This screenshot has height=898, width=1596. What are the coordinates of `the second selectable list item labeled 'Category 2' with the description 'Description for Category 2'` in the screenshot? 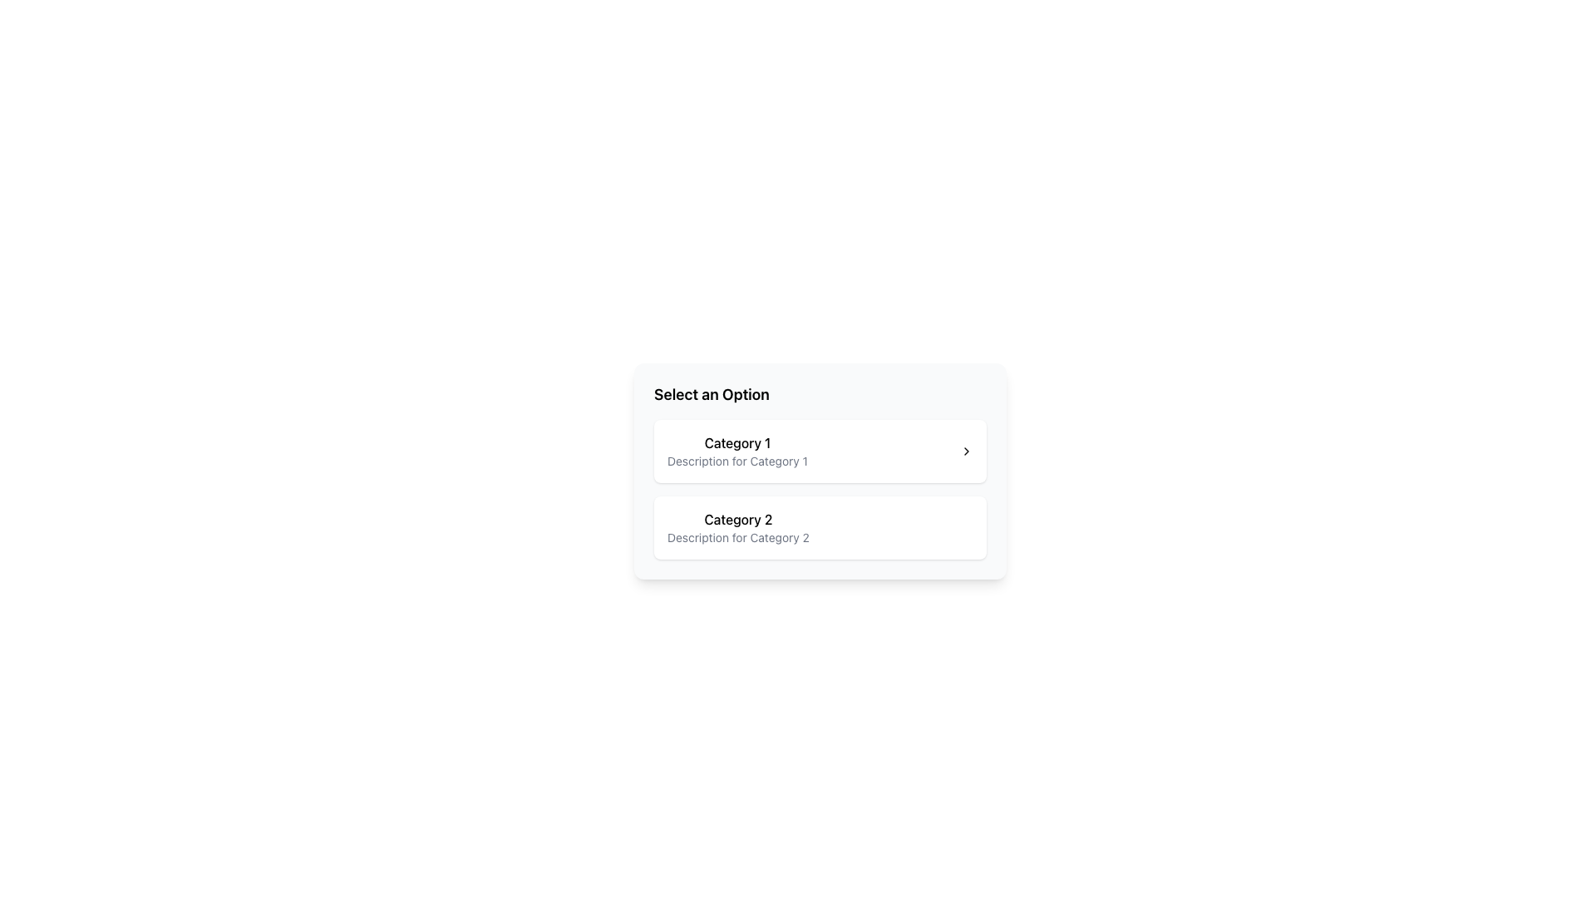 It's located at (820, 528).